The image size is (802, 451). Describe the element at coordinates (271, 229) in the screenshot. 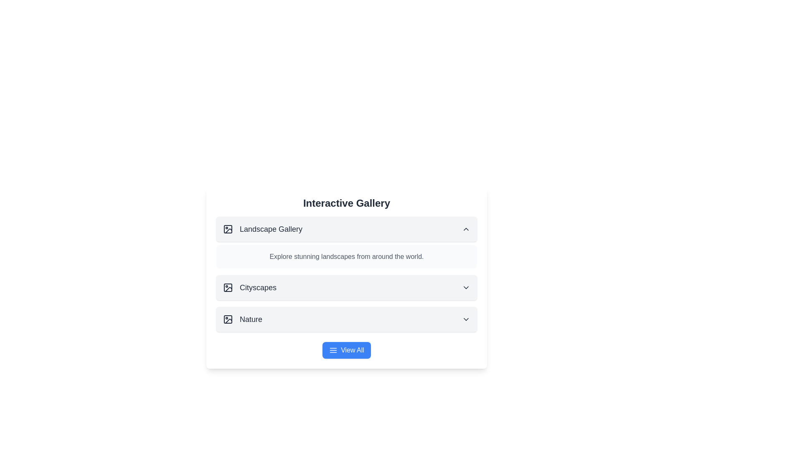

I see `text of the Text Label that identifies the 'Interactive Gallery' section in the landscape images gallery` at that location.